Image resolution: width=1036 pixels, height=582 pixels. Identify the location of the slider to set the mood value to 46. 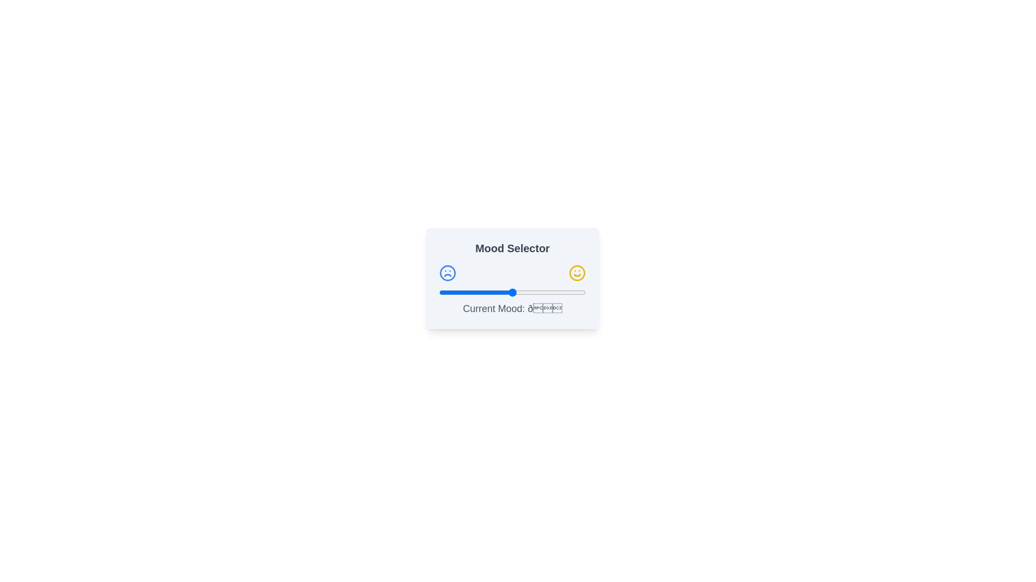
(506, 293).